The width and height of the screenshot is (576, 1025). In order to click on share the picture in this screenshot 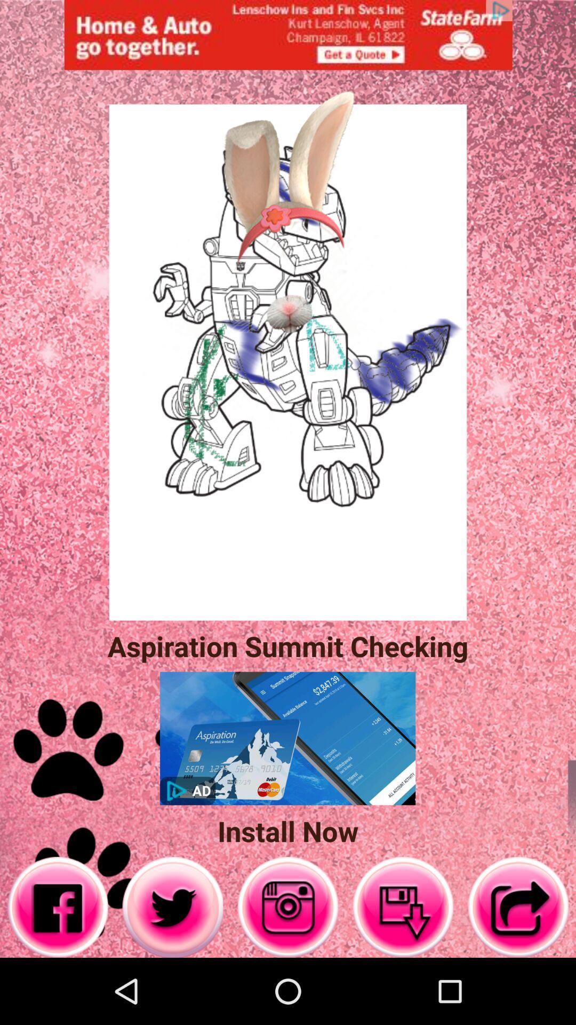, I will do `click(518, 906)`.